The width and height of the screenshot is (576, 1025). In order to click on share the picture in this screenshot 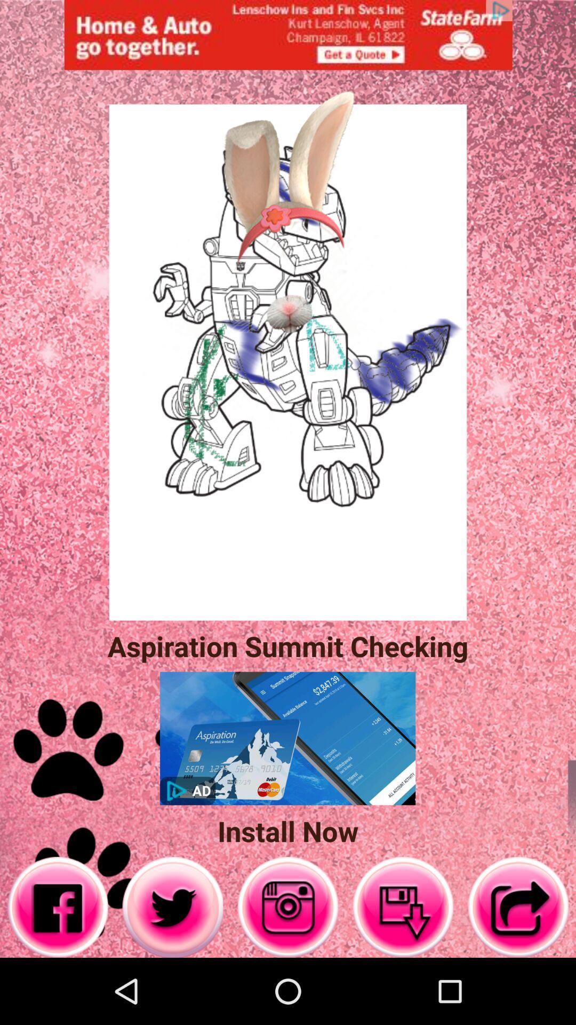, I will do `click(518, 906)`.